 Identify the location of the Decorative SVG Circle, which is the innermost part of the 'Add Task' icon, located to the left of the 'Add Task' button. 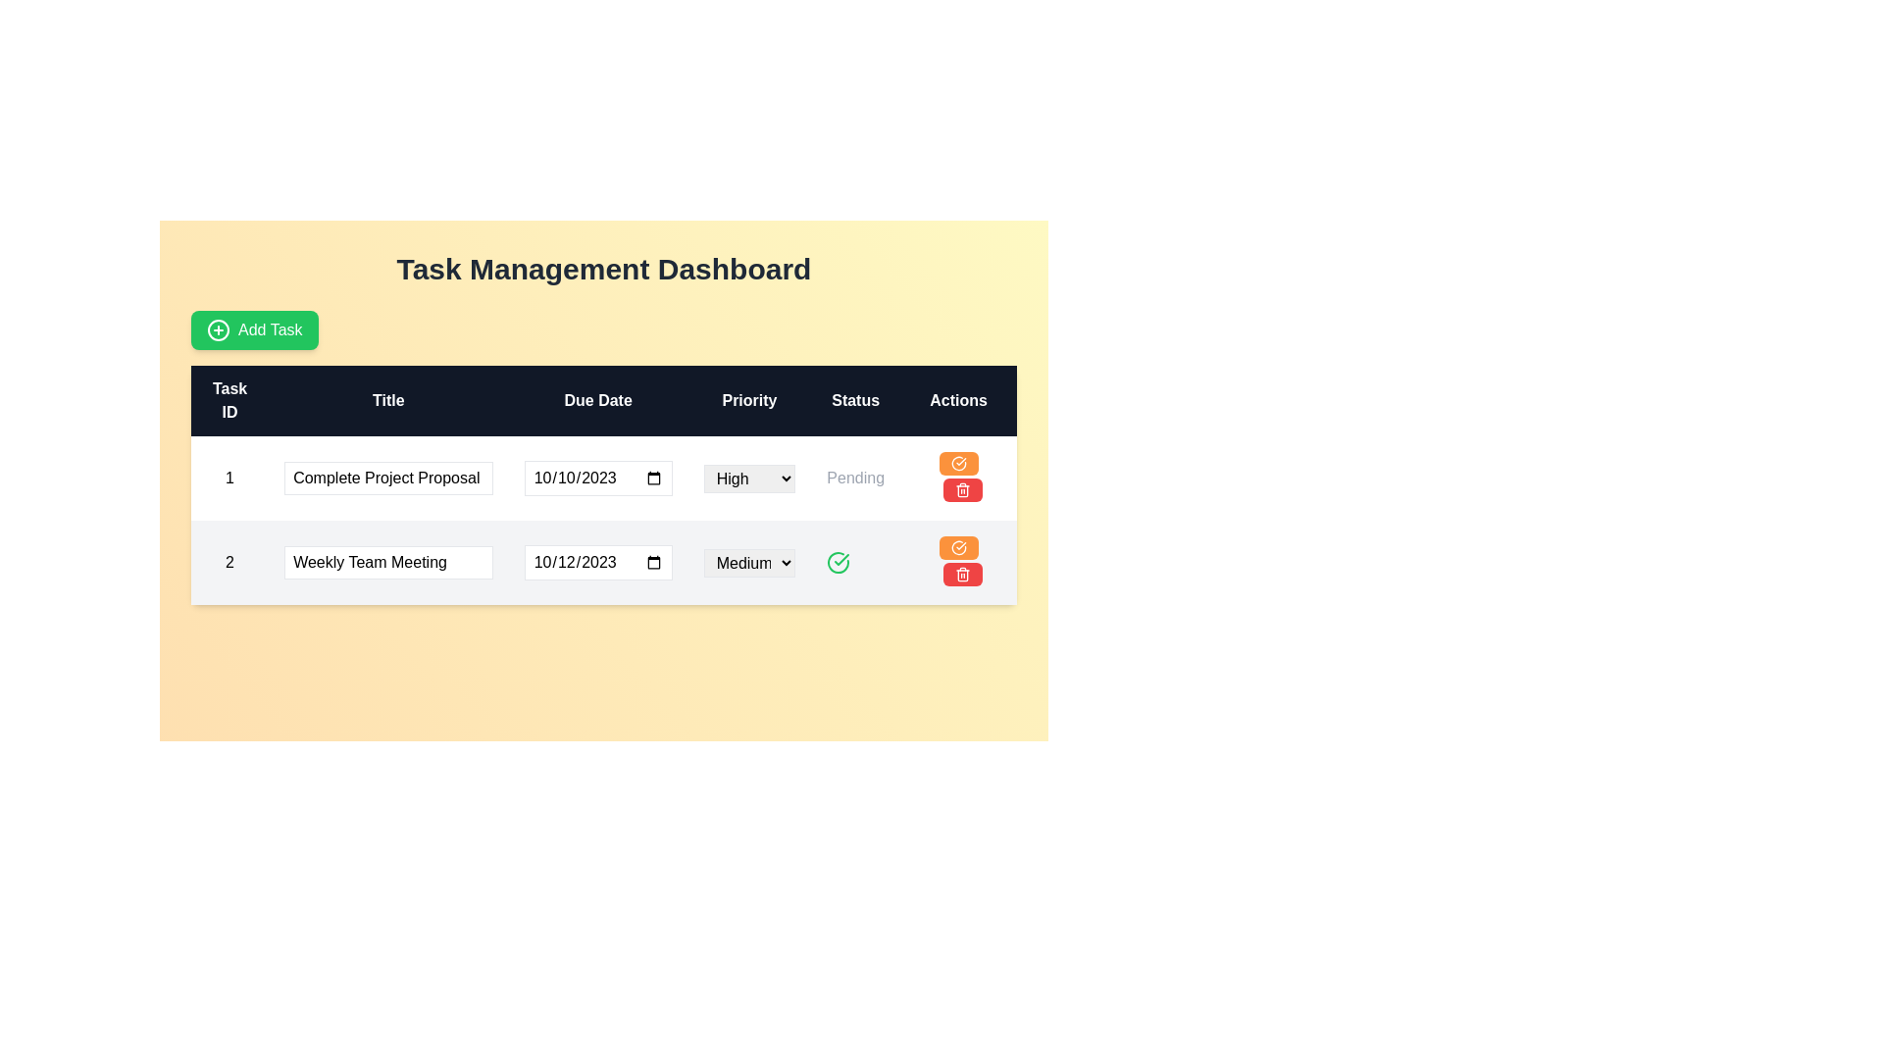
(218, 328).